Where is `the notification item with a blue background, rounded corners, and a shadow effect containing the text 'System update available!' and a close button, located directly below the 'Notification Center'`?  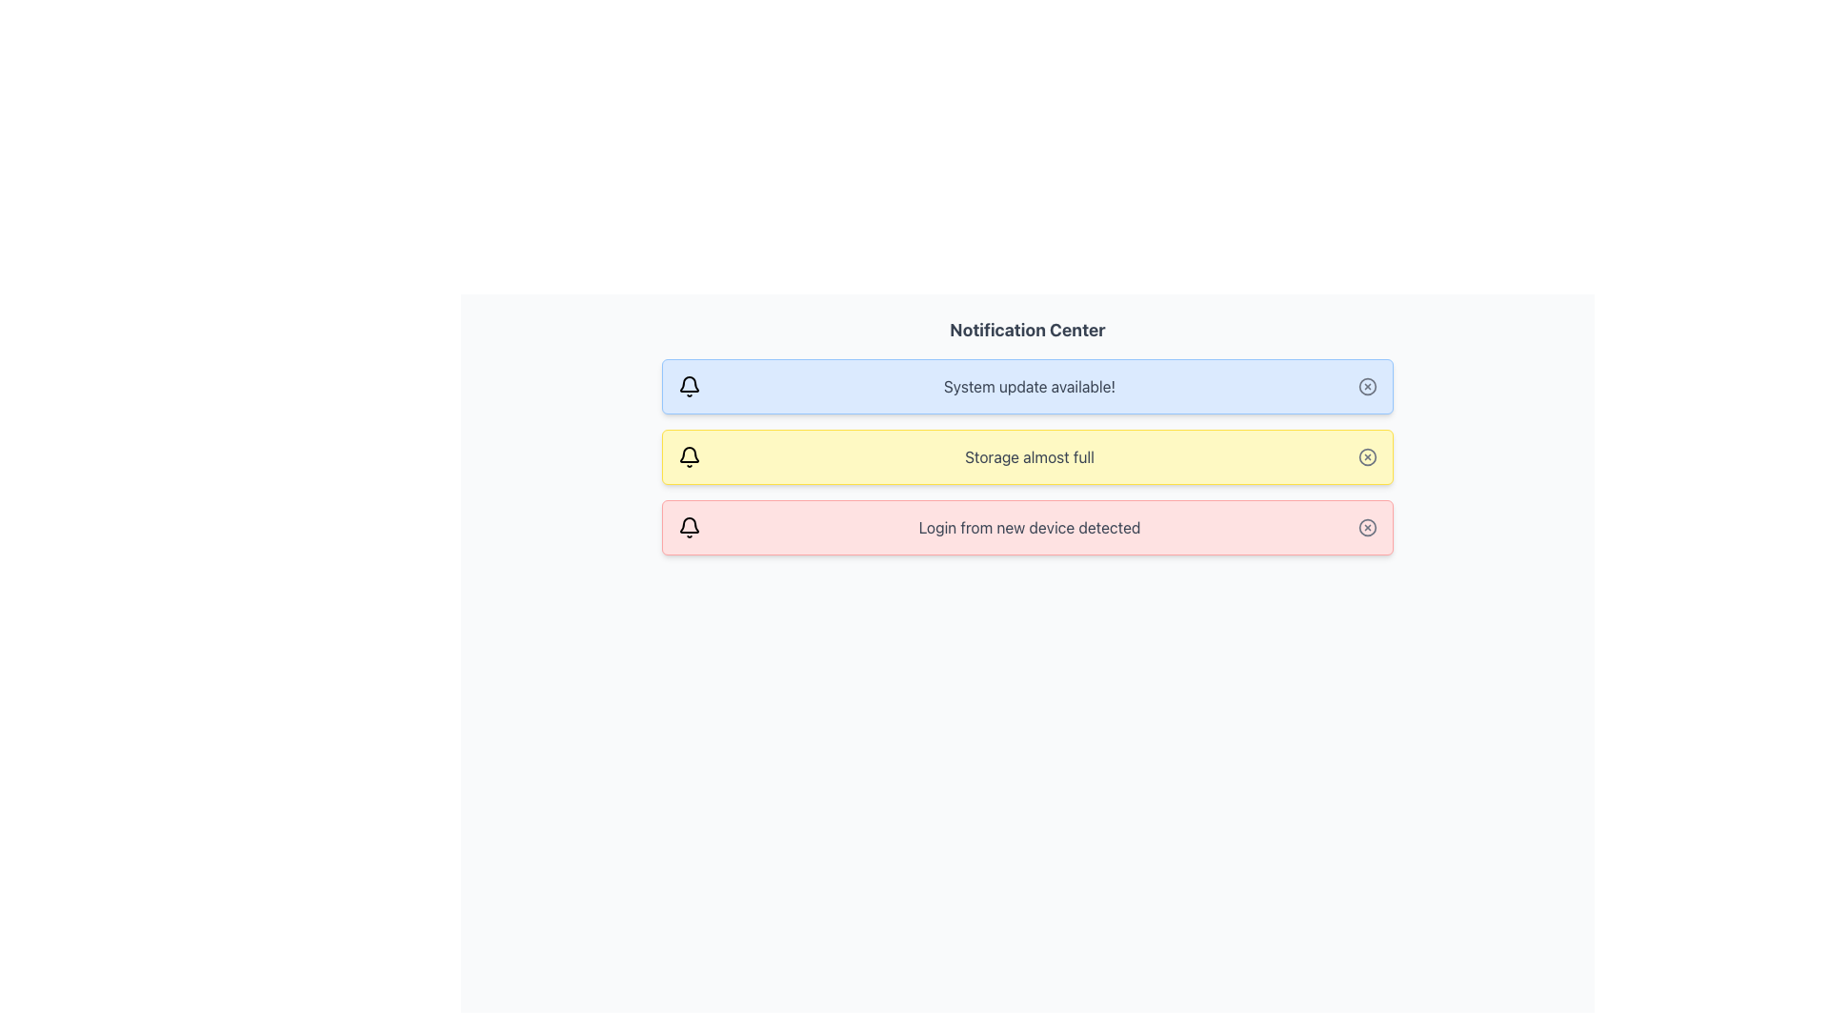
the notification item with a blue background, rounded corners, and a shadow effect containing the text 'System update available!' and a close button, located directly below the 'Notification Center' is located at coordinates (1027, 386).